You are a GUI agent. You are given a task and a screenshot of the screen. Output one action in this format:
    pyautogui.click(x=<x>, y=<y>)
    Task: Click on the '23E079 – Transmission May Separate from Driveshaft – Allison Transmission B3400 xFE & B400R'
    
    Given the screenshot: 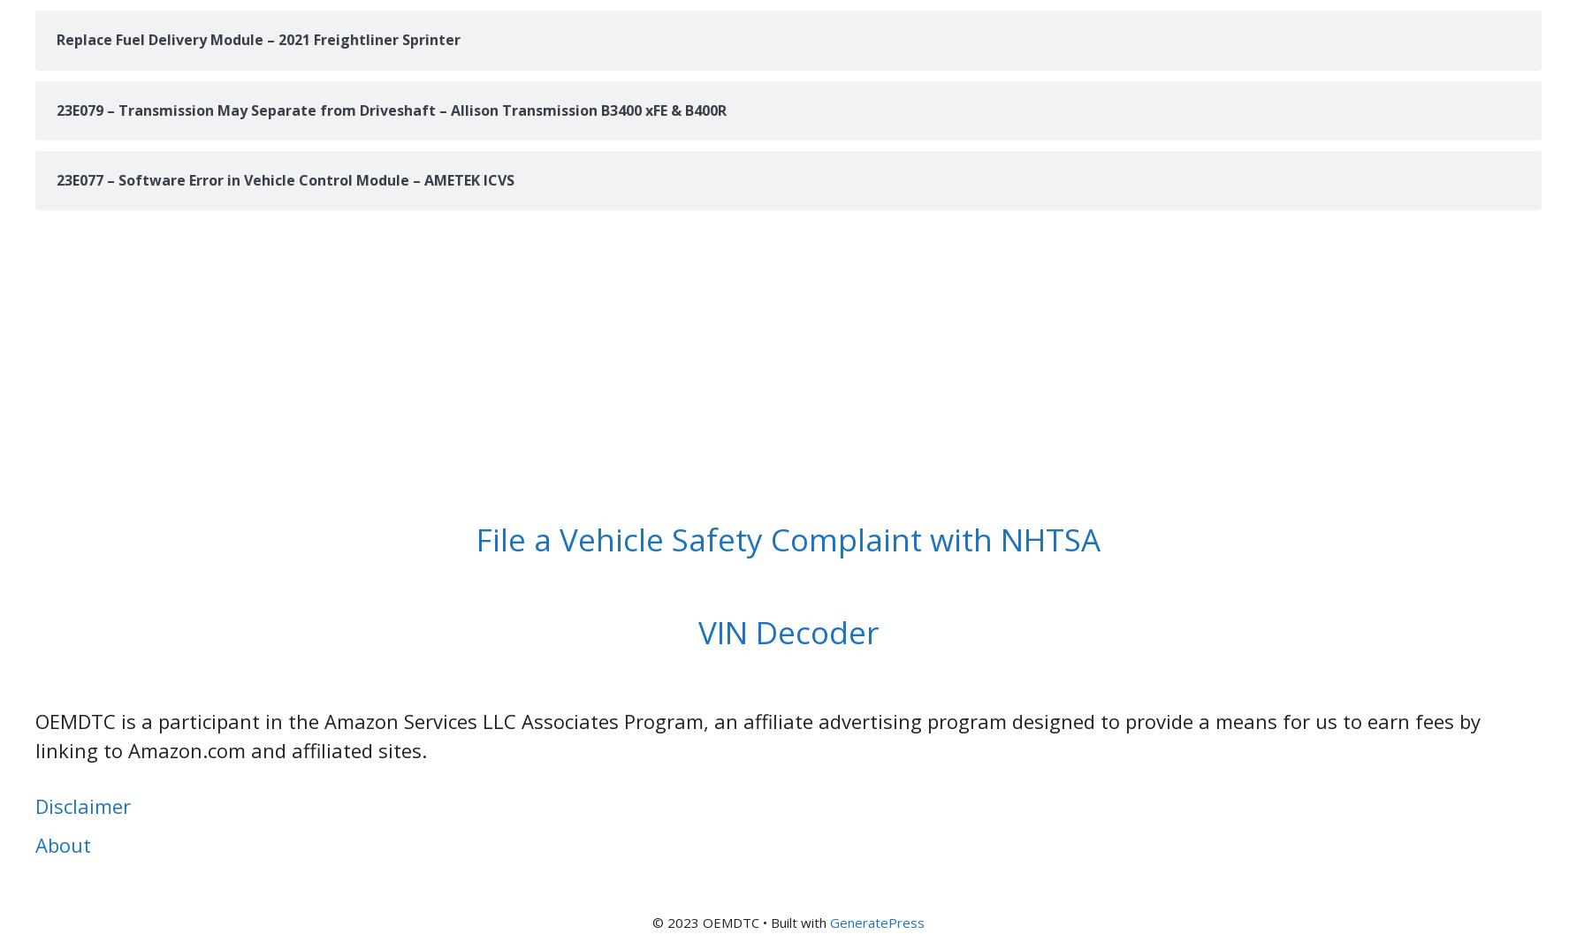 What is the action you would take?
    pyautogui.click(x=57, y=108)
    